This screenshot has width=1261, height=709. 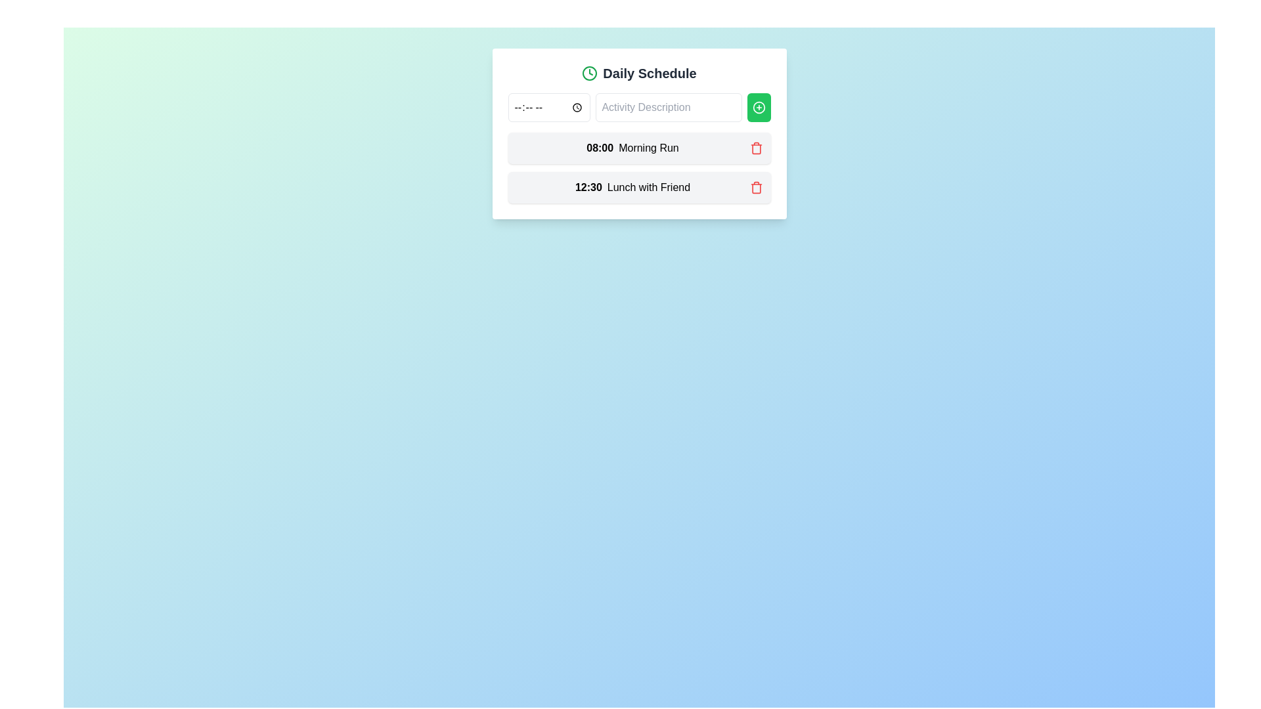 What do you see at coordinates (639, 187) in the screenshot?
I see `the 'Lunch with Friend' scheduled activity in the Daily Schedule section` at bounding box center [639, 187].